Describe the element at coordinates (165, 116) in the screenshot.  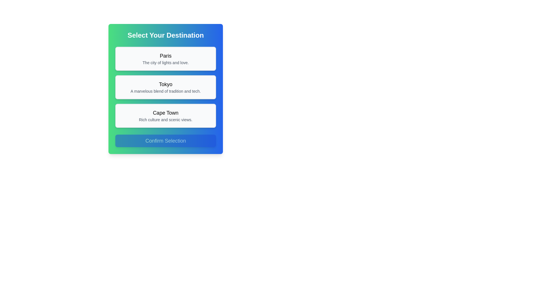
I see `the selectable destination option labeled 'Cape Town' which is the third item in a vertical list of destination options` at that location.